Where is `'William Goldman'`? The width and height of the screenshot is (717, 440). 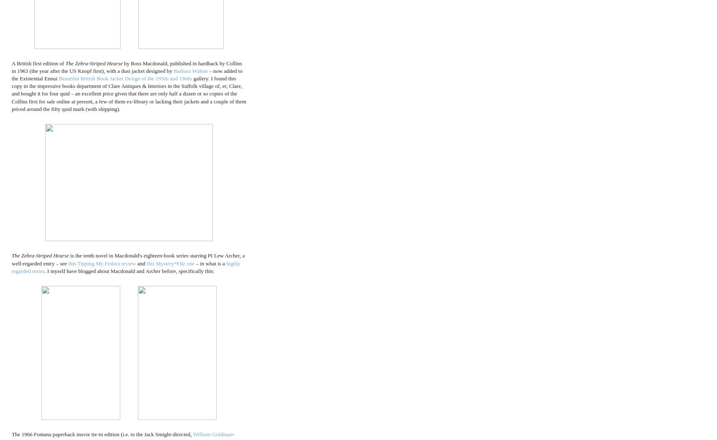
'William Goldman' is located at coordinates (212, 434).